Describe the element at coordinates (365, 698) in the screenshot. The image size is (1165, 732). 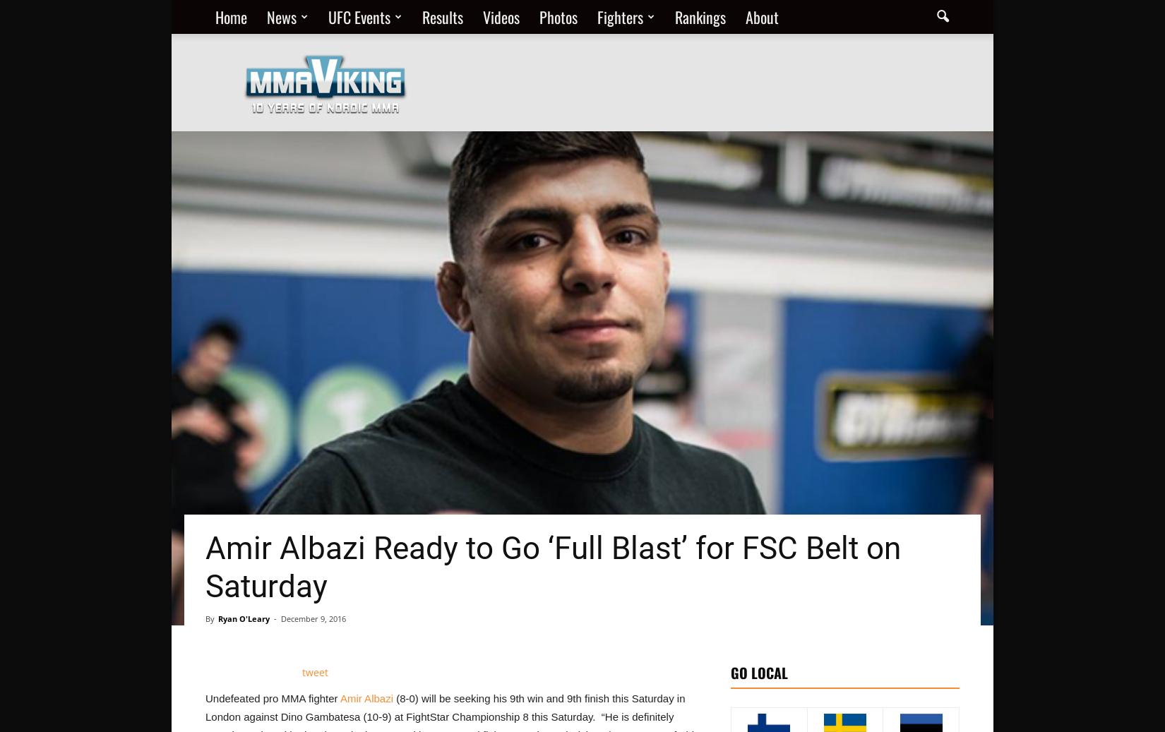
I see `'Amir Albazi'` at that location.